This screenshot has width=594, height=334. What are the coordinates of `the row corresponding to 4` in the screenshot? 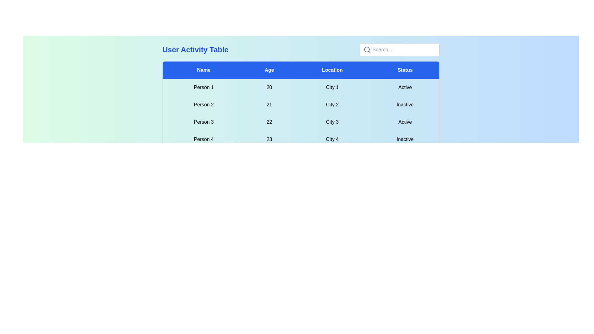 It's located at (301, 139).